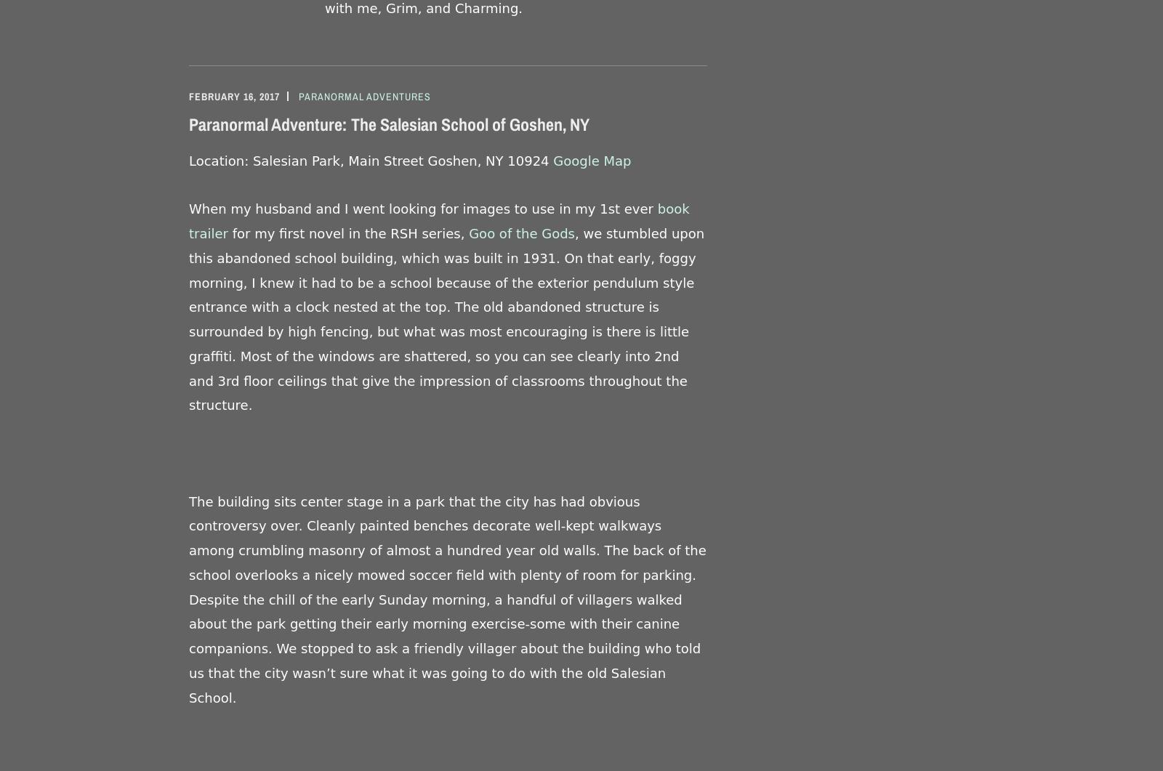 This screenshot has width=1163, height=771. What do you see at coordinates (447, 599) in the screenshot?
I see `'The building sits center stage in a park that the city has had obvious controversy over. Cleanly painted benches decorate well-kept walkways among crumbling masonry of almost a hundred year old walls. The back of the school overlooks a nicely mowed soccer field with plenty of room for parking. Despite the chill of the early Sunday morning, a handful of villagers walked about the park getting their early morning exercise-some with their canine companions. We stopped to ask a friendly villager about the building who told us that the city wasn’t sure what it was going to do with the old Salesian School.'` at bounding box center [447, 599].